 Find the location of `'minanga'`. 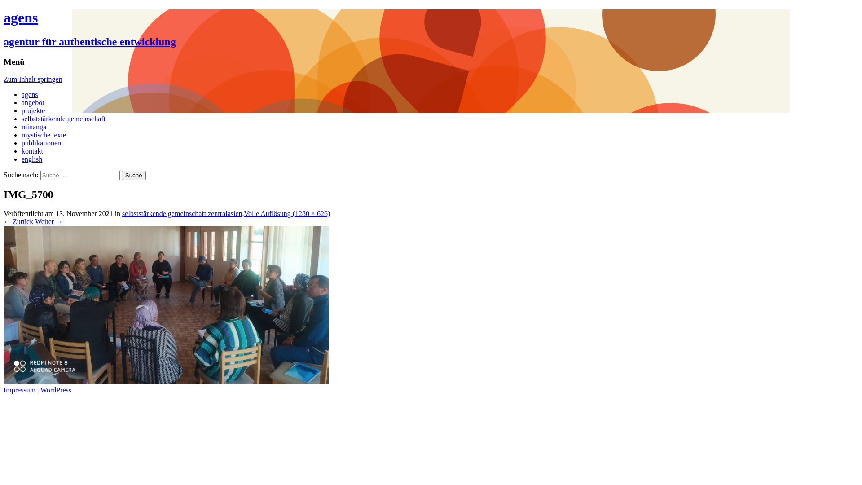

'minanga' is located at coordinates (34, 127).